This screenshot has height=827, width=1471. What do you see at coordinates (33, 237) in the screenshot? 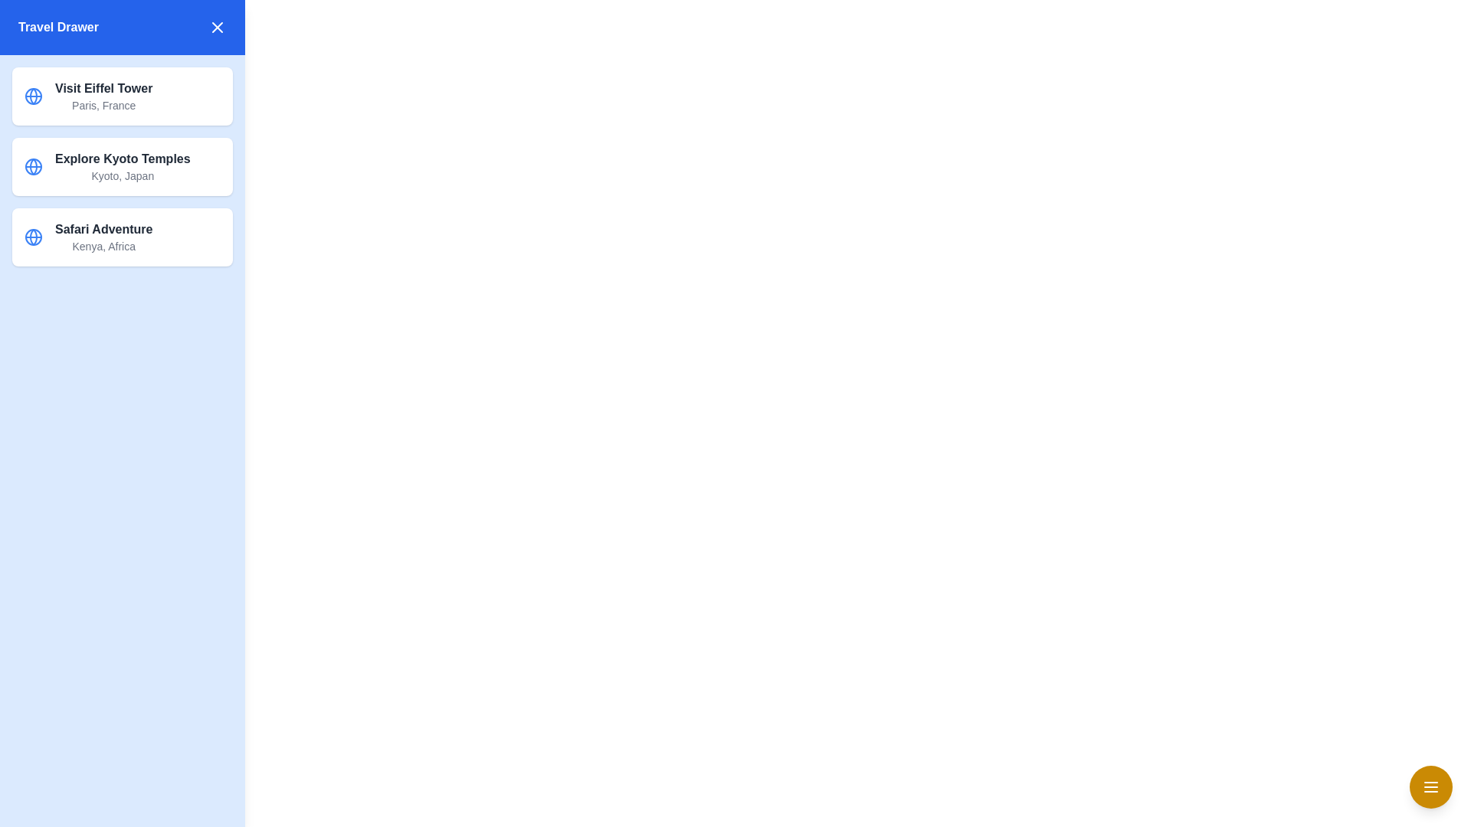
I see `the SVG Circle that is part of the third globe icon on the left of the 'Safari Adventure' item in the list` at bounding box center [33, 237].